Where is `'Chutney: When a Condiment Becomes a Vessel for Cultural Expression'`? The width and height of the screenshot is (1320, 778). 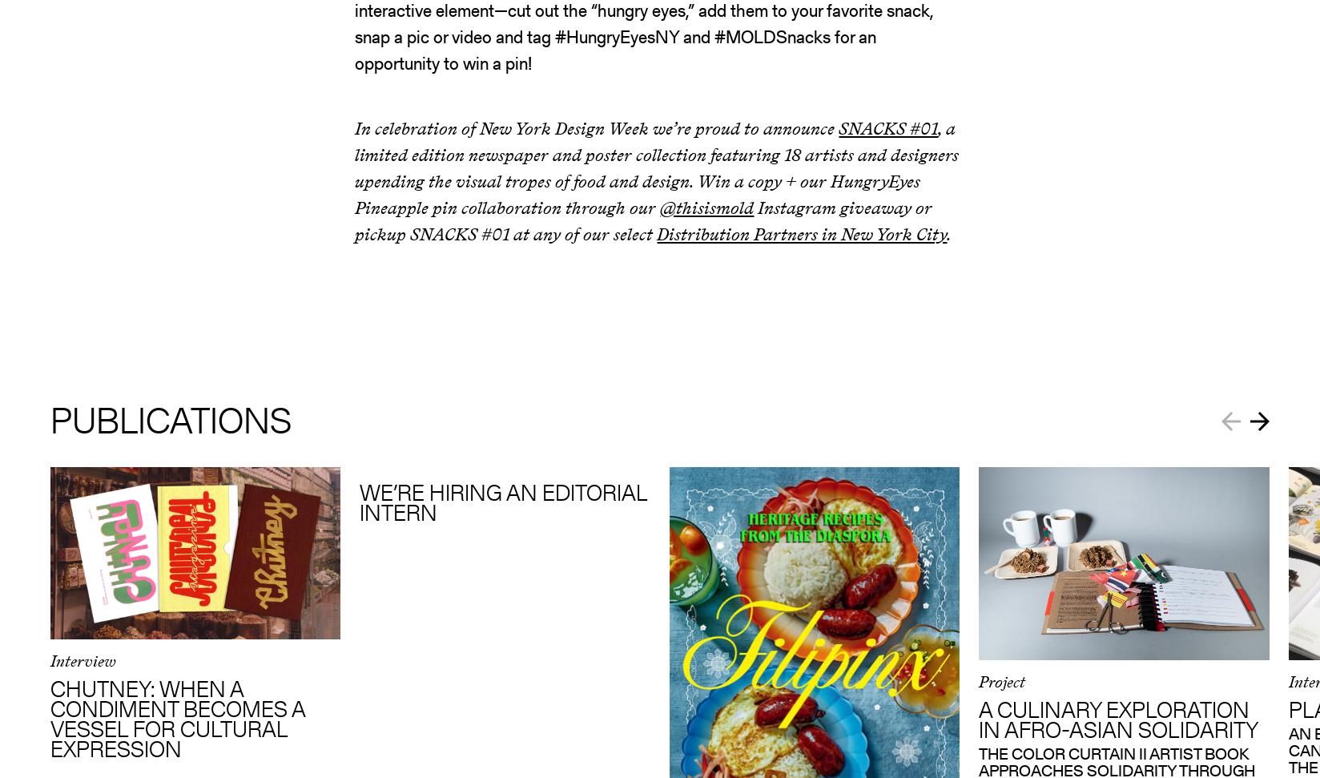 'Chutney: When a Condiment Becomes a Vessel for Cultural Expression' is located at coordinates (175, 719).